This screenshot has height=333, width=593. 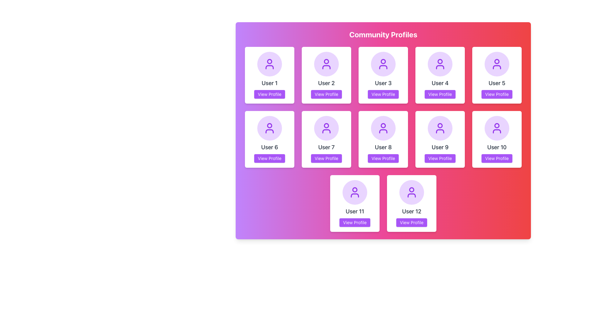 What do you see at coordinates (412, 192) in the screenshot?
I see `the user profile icon for 'User 12' located in the second row, last column of the user profile cards` at bounding box center [412, 192].